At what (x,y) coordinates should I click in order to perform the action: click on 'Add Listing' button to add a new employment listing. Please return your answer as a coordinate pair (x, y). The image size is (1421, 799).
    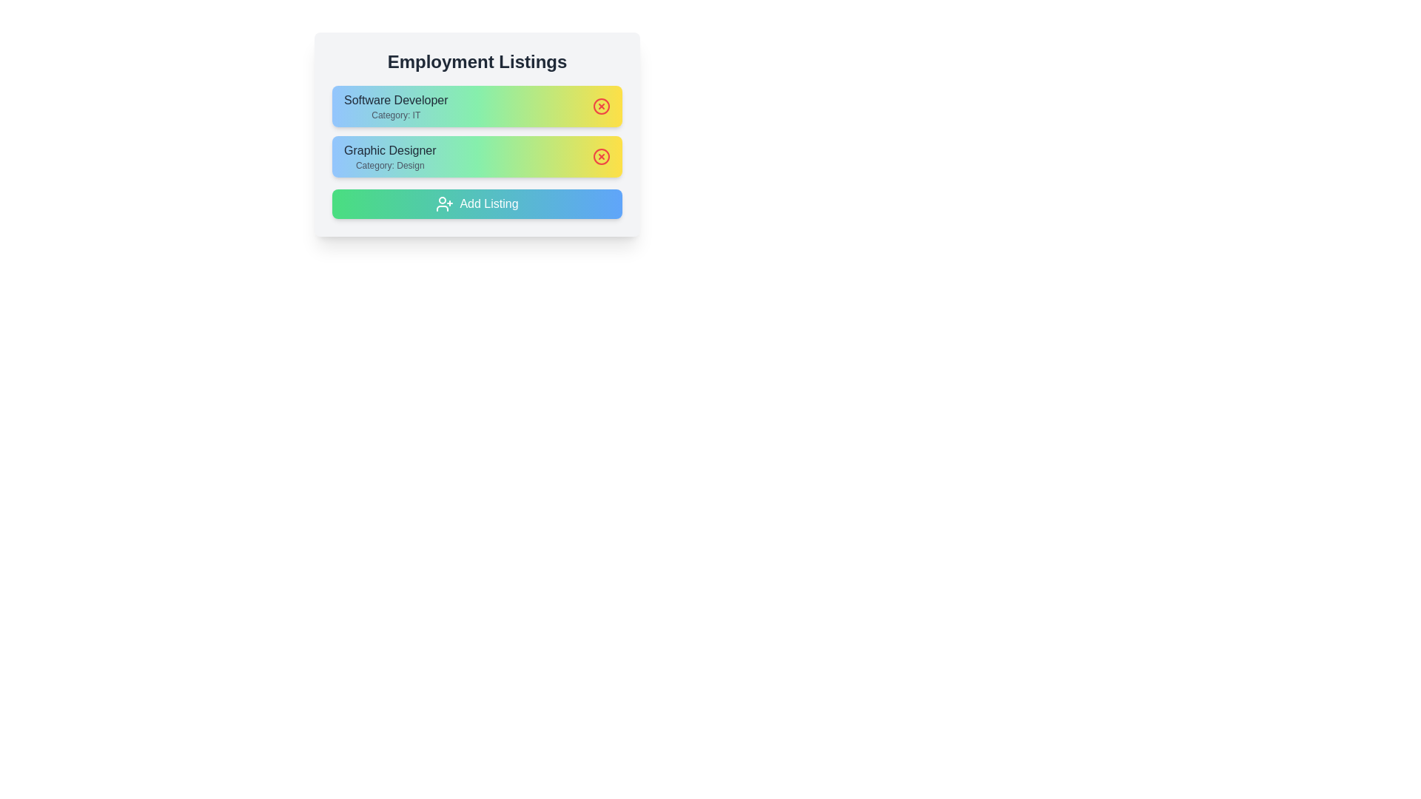
    Looking at the image, I should click on (477, 204).